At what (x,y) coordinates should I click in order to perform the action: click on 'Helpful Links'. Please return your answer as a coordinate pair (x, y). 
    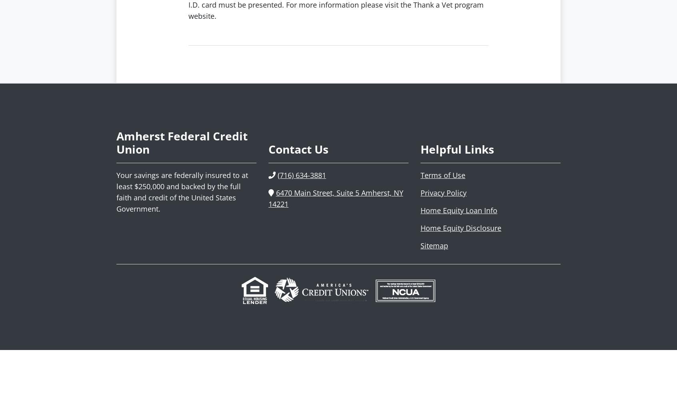
    Looking at the image, I should click on (420, 149).